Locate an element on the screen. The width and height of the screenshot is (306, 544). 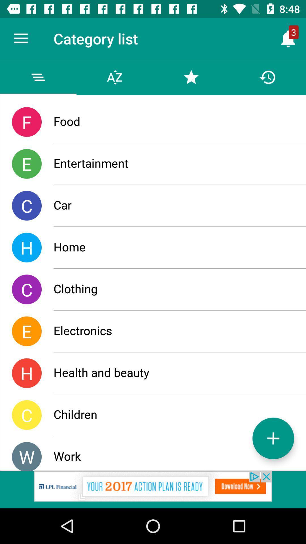
click the plus is located at coordinates (273, 438).